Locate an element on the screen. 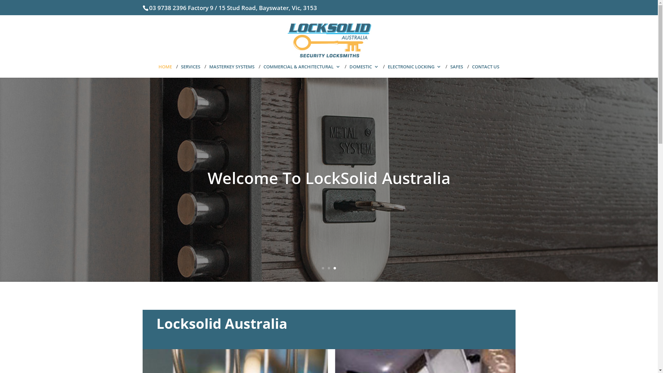 This screenshot has height=373, width=663. '3' is located at coordinates (335, 268).